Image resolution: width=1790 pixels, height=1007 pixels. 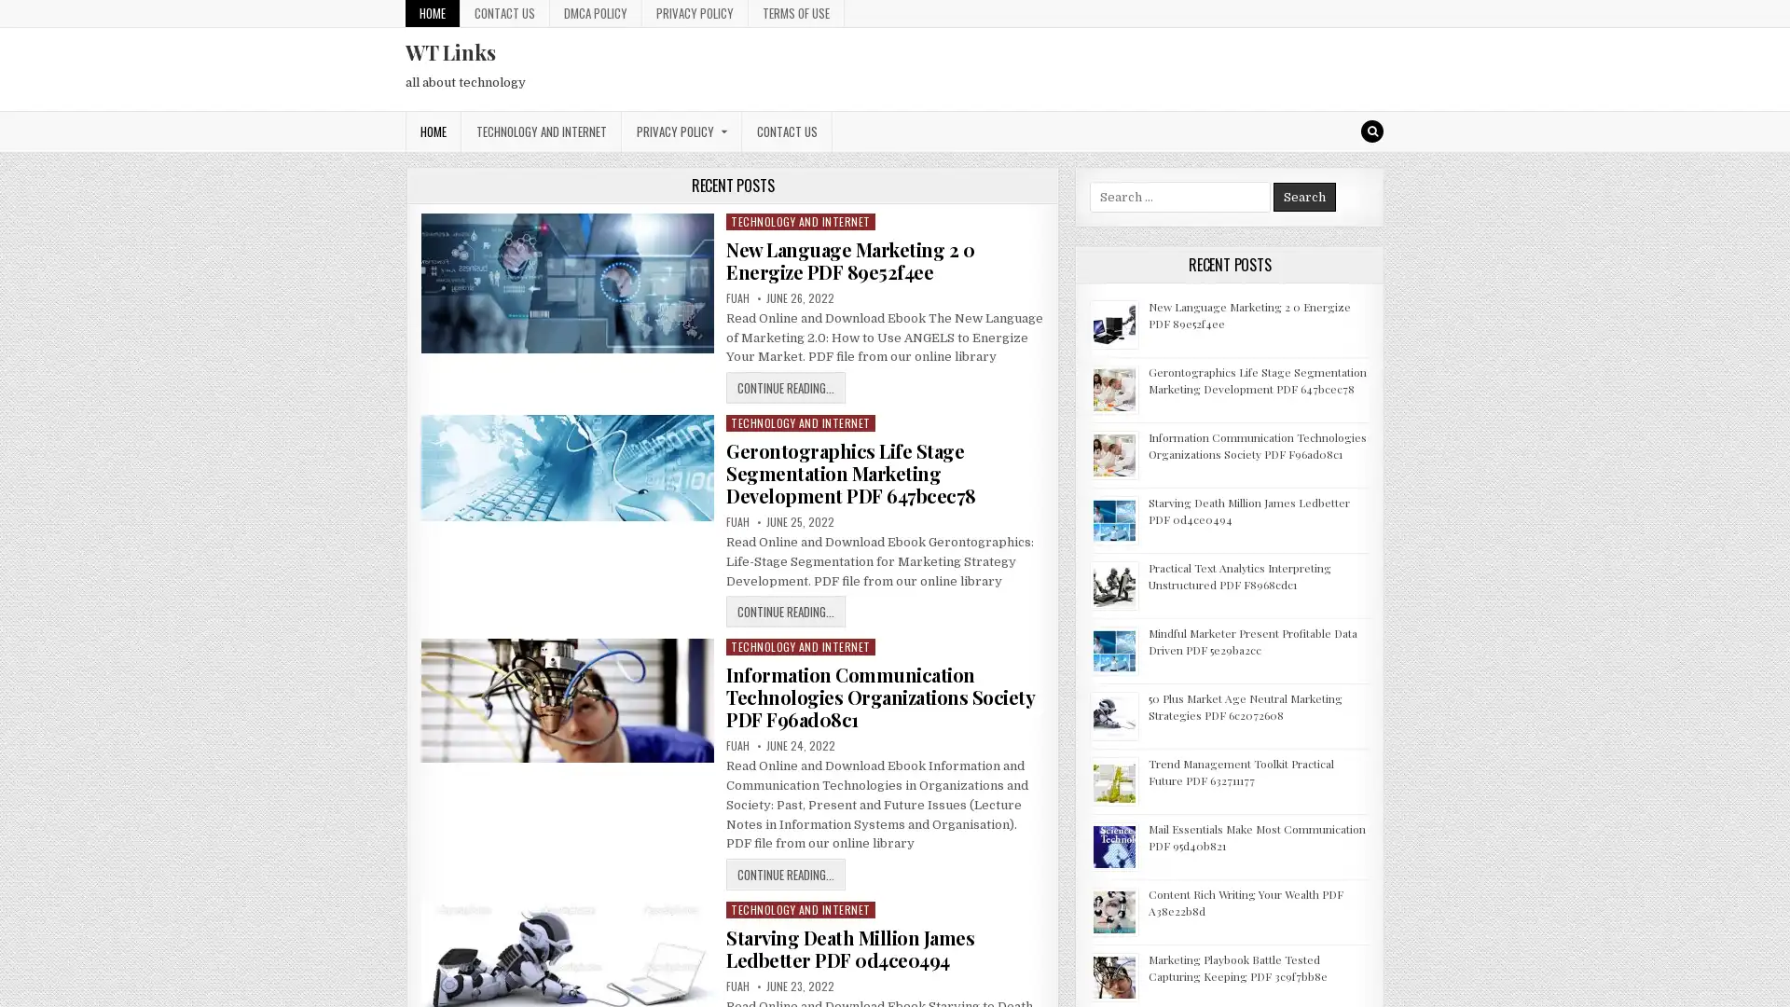 What do you see at coordinates (1303, 197) in the screenshot?
I see `Search` at bounding box center [1303, 197].